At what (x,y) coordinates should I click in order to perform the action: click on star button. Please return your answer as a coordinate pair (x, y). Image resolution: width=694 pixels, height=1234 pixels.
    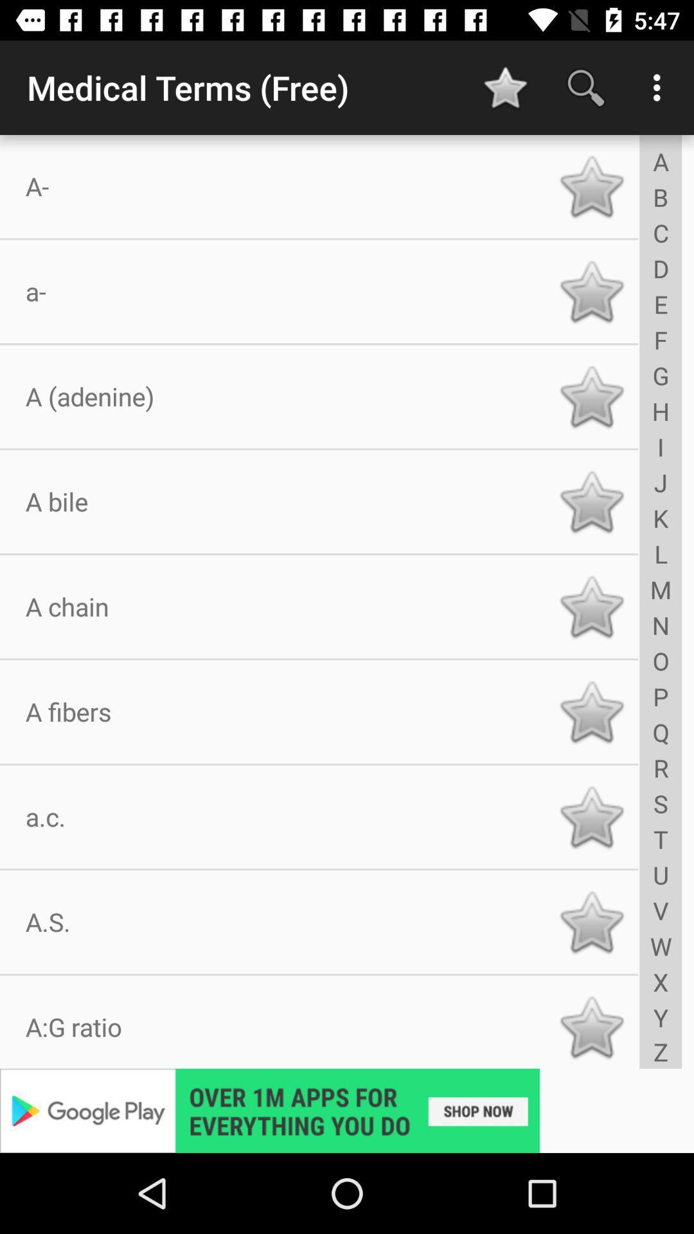
    Looking at the image, I should click on (591, 711).